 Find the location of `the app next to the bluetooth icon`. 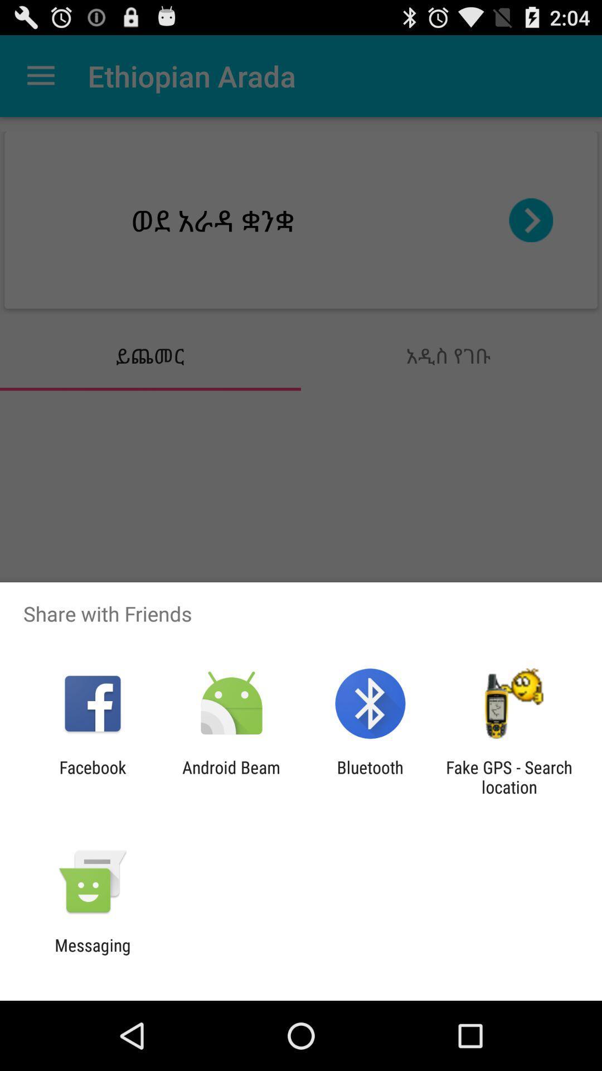

the app next to the bluetooth icon is located at coordinates (509, 776).